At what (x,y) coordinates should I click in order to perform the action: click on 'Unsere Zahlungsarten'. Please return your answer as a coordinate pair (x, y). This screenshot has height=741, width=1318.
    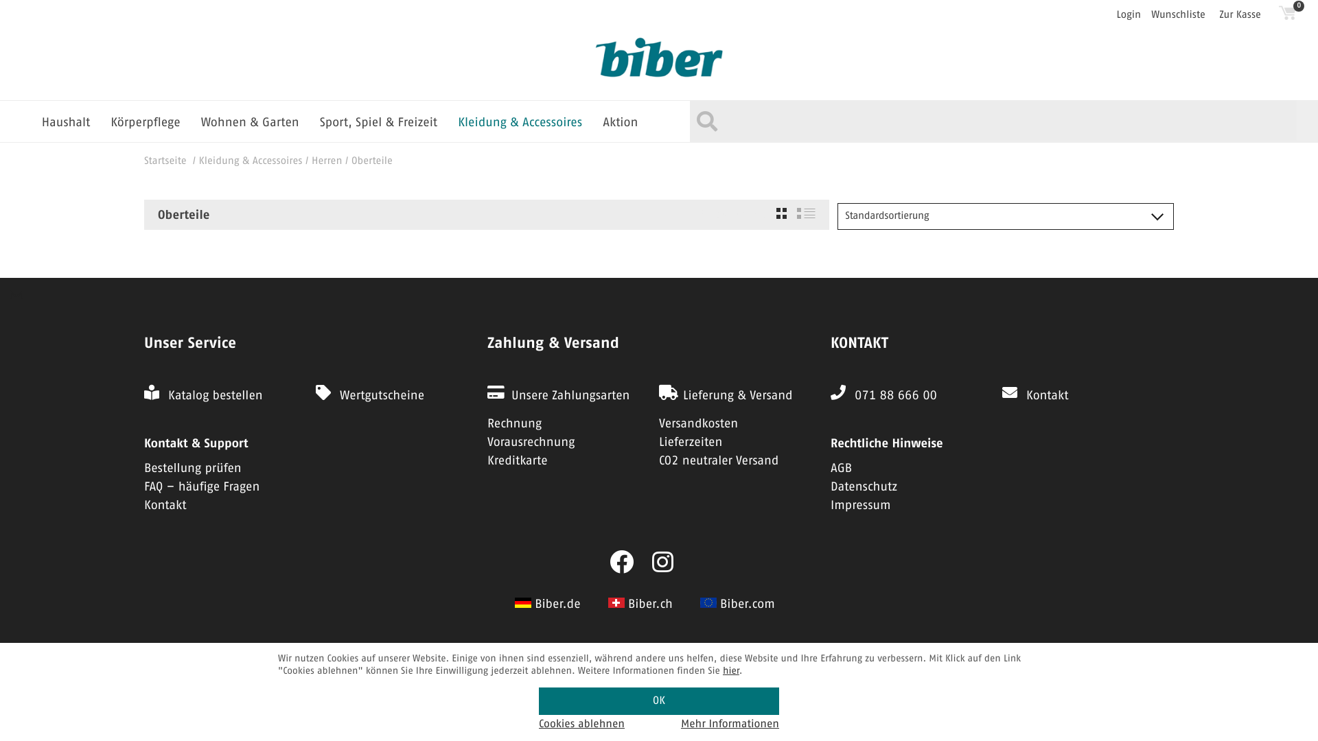
    Looking at the image, I should click on (570, 396).